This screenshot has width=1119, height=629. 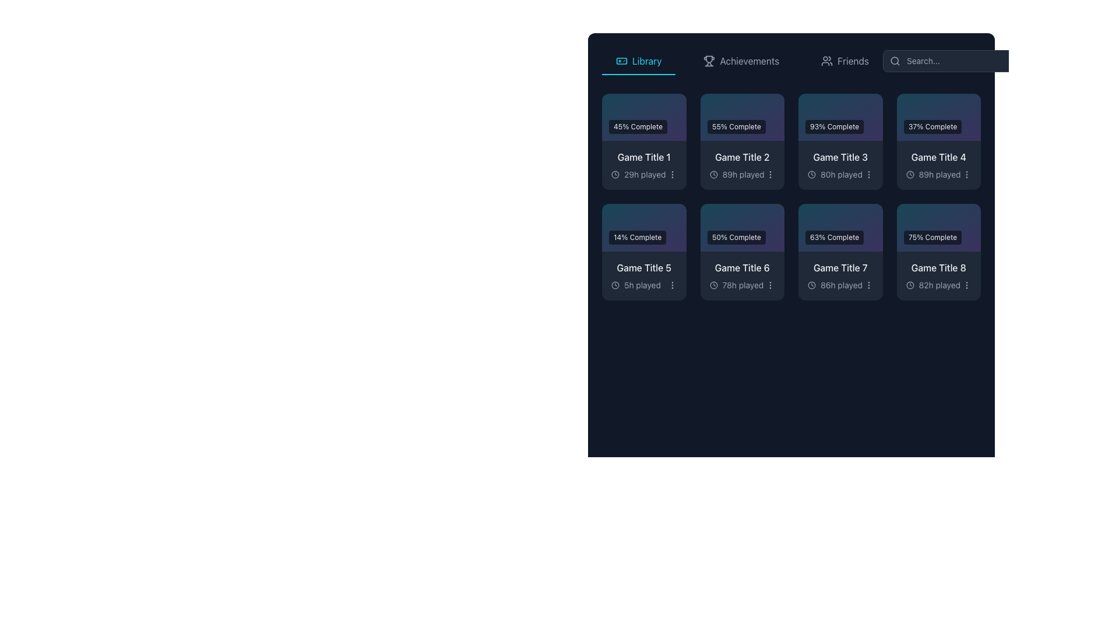 I want to click on text value displayed as '89h played' in the Text label located in the card for 'Game Title 4', positioned in the fourth column of the top row, to the right of the clock icon, so click(x=939, y=175).